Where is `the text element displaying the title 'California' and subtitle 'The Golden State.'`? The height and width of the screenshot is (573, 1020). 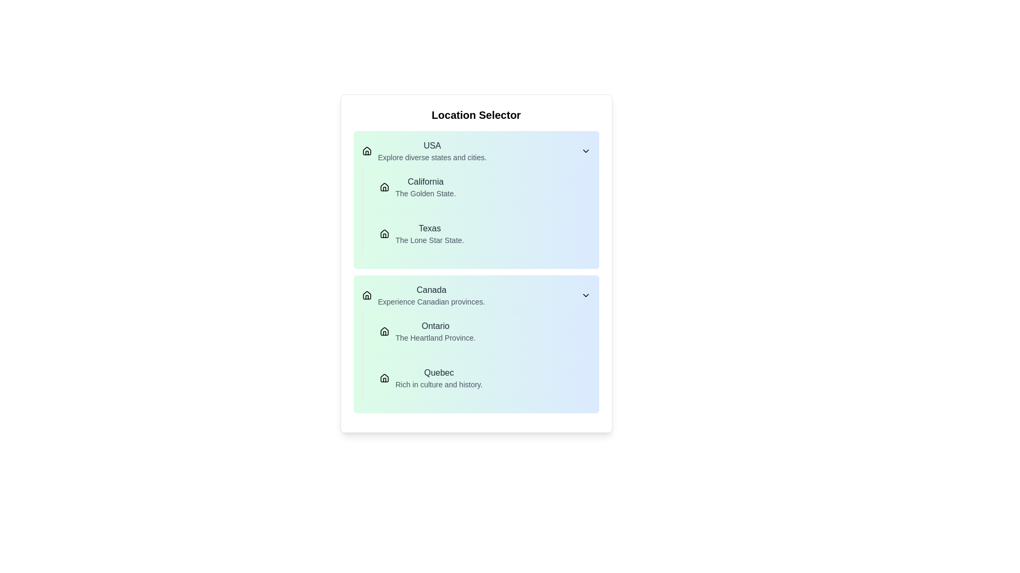 the text element displaying the title 'California' and subtitle 'The Golden State.' is located at coordinates (426, 187).